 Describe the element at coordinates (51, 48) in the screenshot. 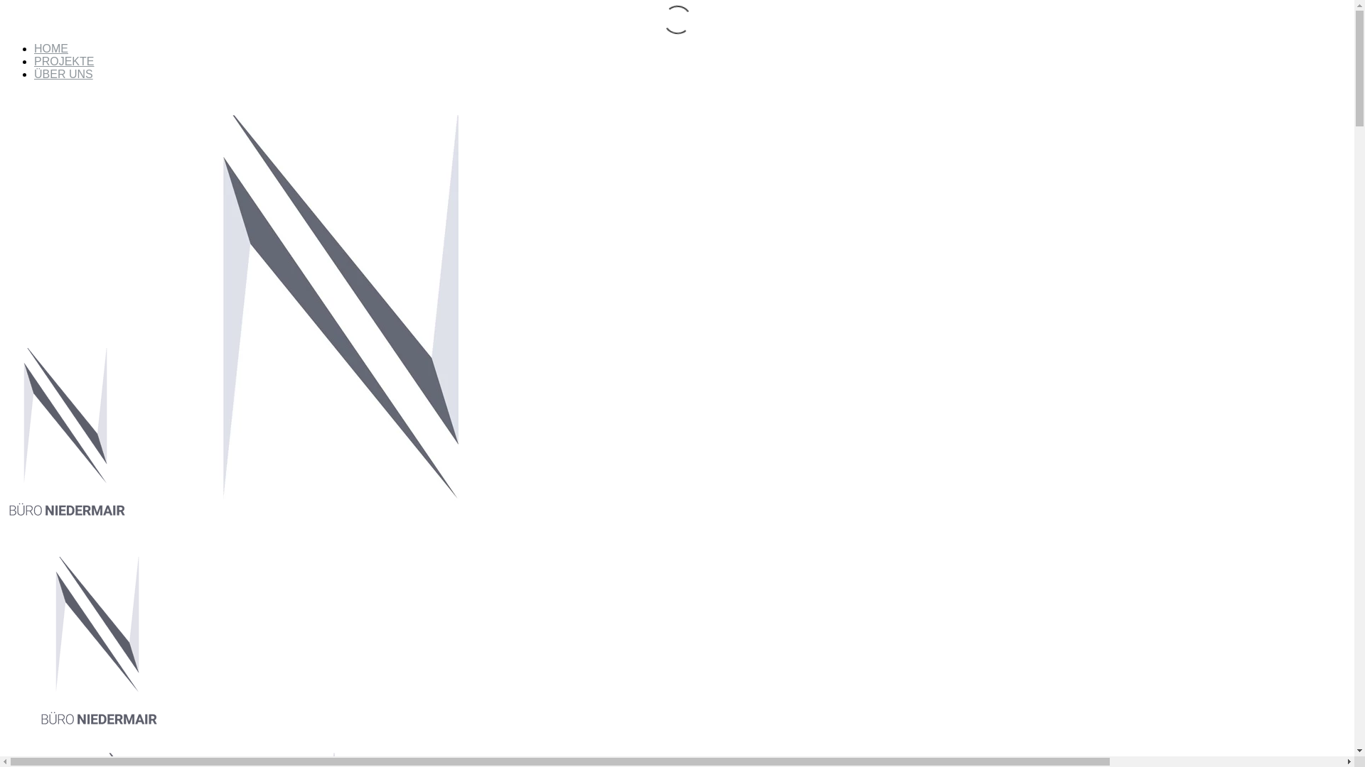

I see `'HOME'` at that location.